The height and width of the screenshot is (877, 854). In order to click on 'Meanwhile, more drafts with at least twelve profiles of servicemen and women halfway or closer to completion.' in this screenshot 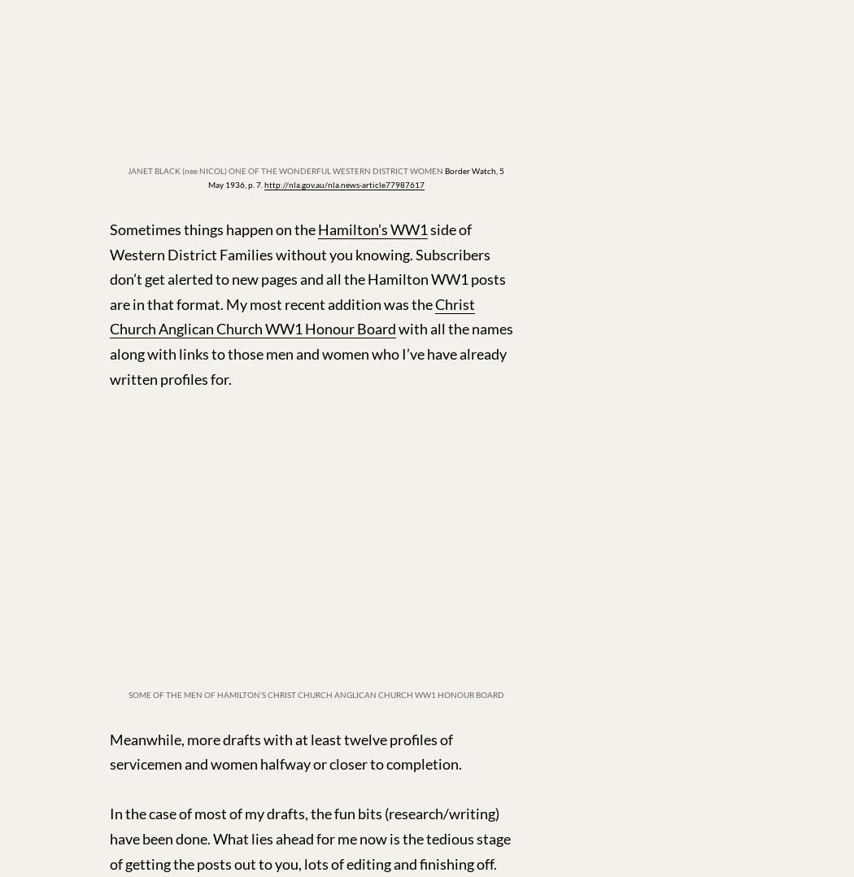, I will do `click(285, 751)`.